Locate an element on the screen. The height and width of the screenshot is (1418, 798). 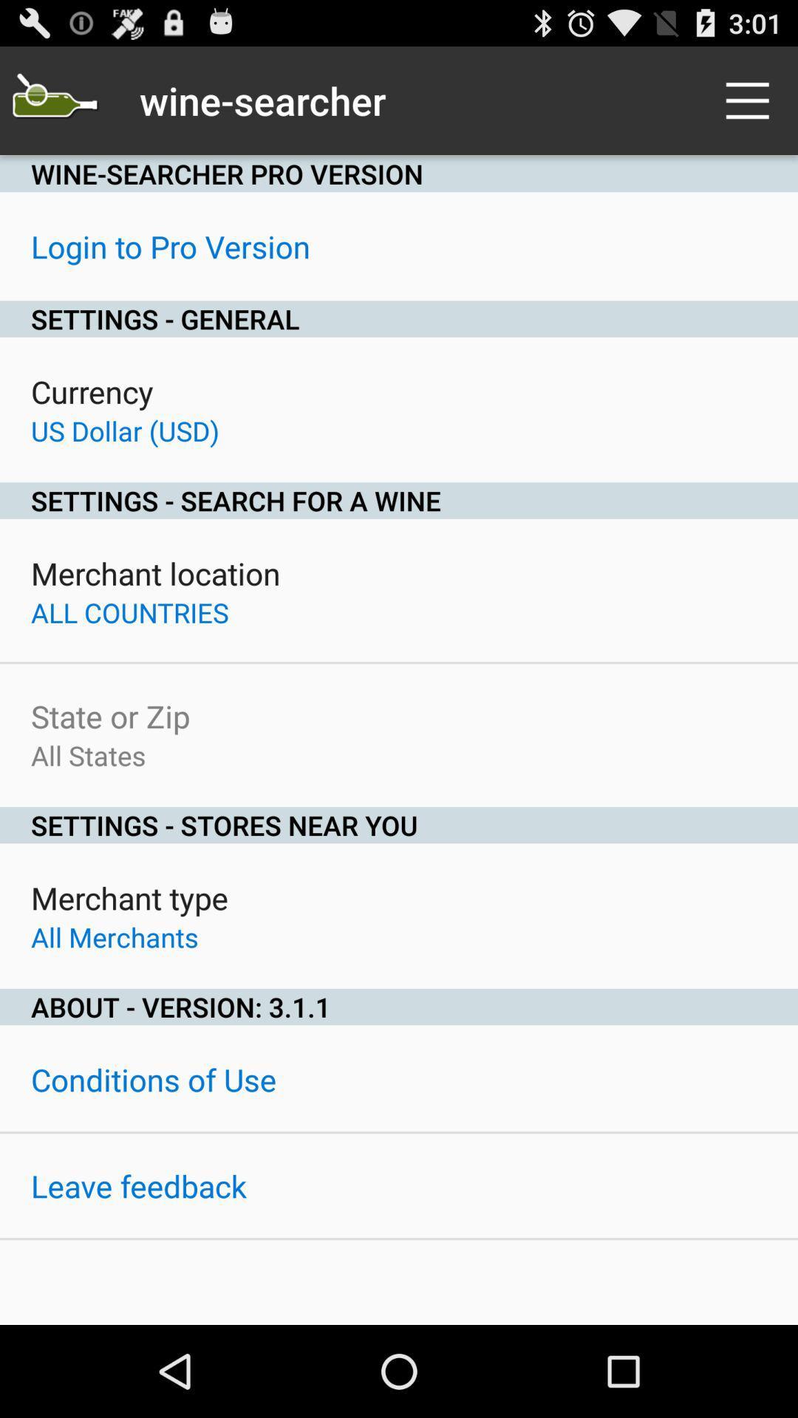
the item above the state or zip item is located at coordinates (129, 612).